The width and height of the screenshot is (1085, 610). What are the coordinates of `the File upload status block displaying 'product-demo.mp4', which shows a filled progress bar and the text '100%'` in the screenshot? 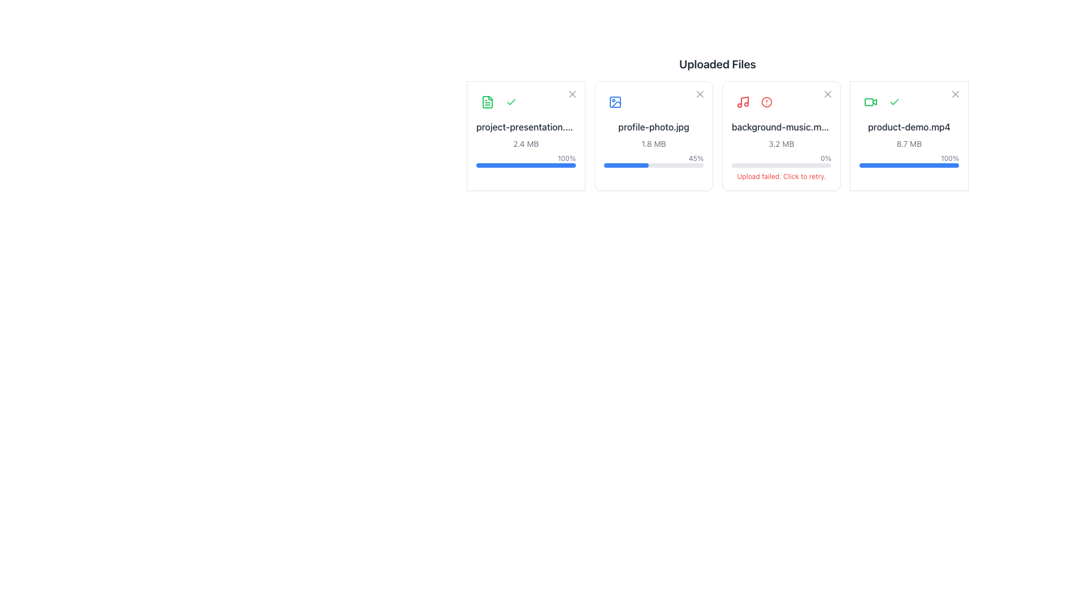 It's located at (909, 143).